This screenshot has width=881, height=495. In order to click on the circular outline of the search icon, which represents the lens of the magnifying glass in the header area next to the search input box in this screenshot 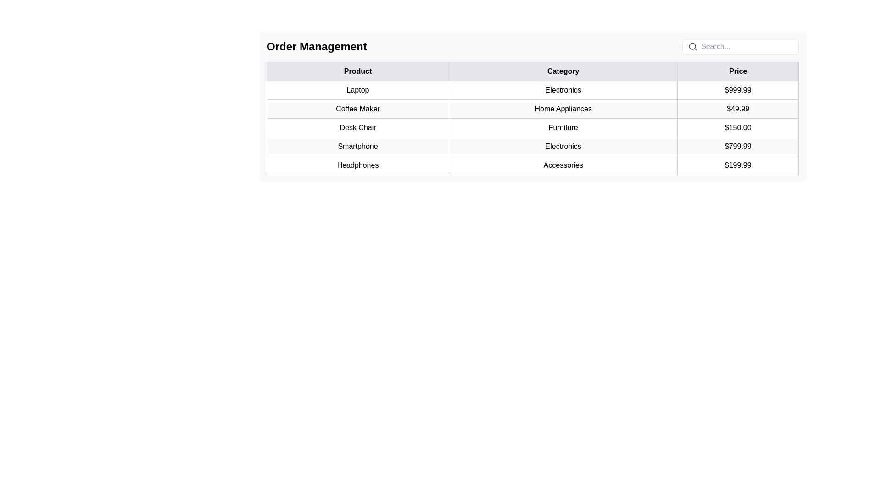, I will do `click(692, 46)`.